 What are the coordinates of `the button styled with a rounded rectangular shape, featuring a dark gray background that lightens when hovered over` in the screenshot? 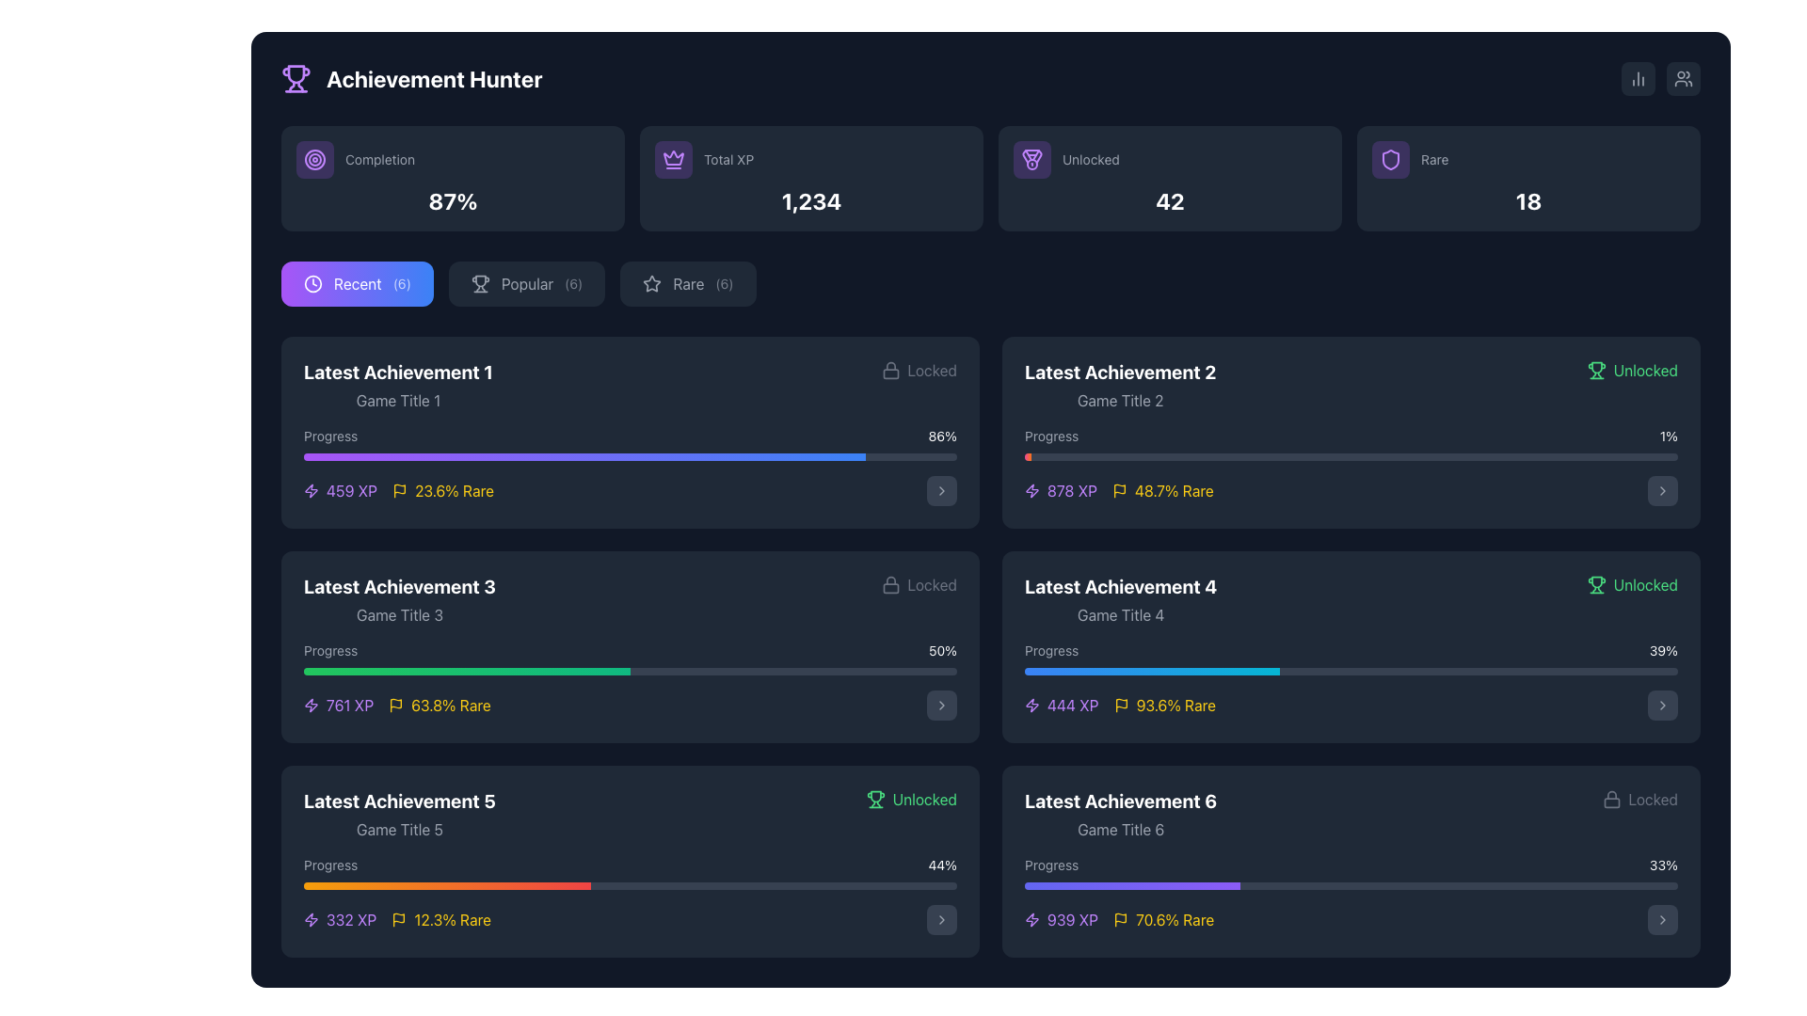 It's located at (1662, 489).